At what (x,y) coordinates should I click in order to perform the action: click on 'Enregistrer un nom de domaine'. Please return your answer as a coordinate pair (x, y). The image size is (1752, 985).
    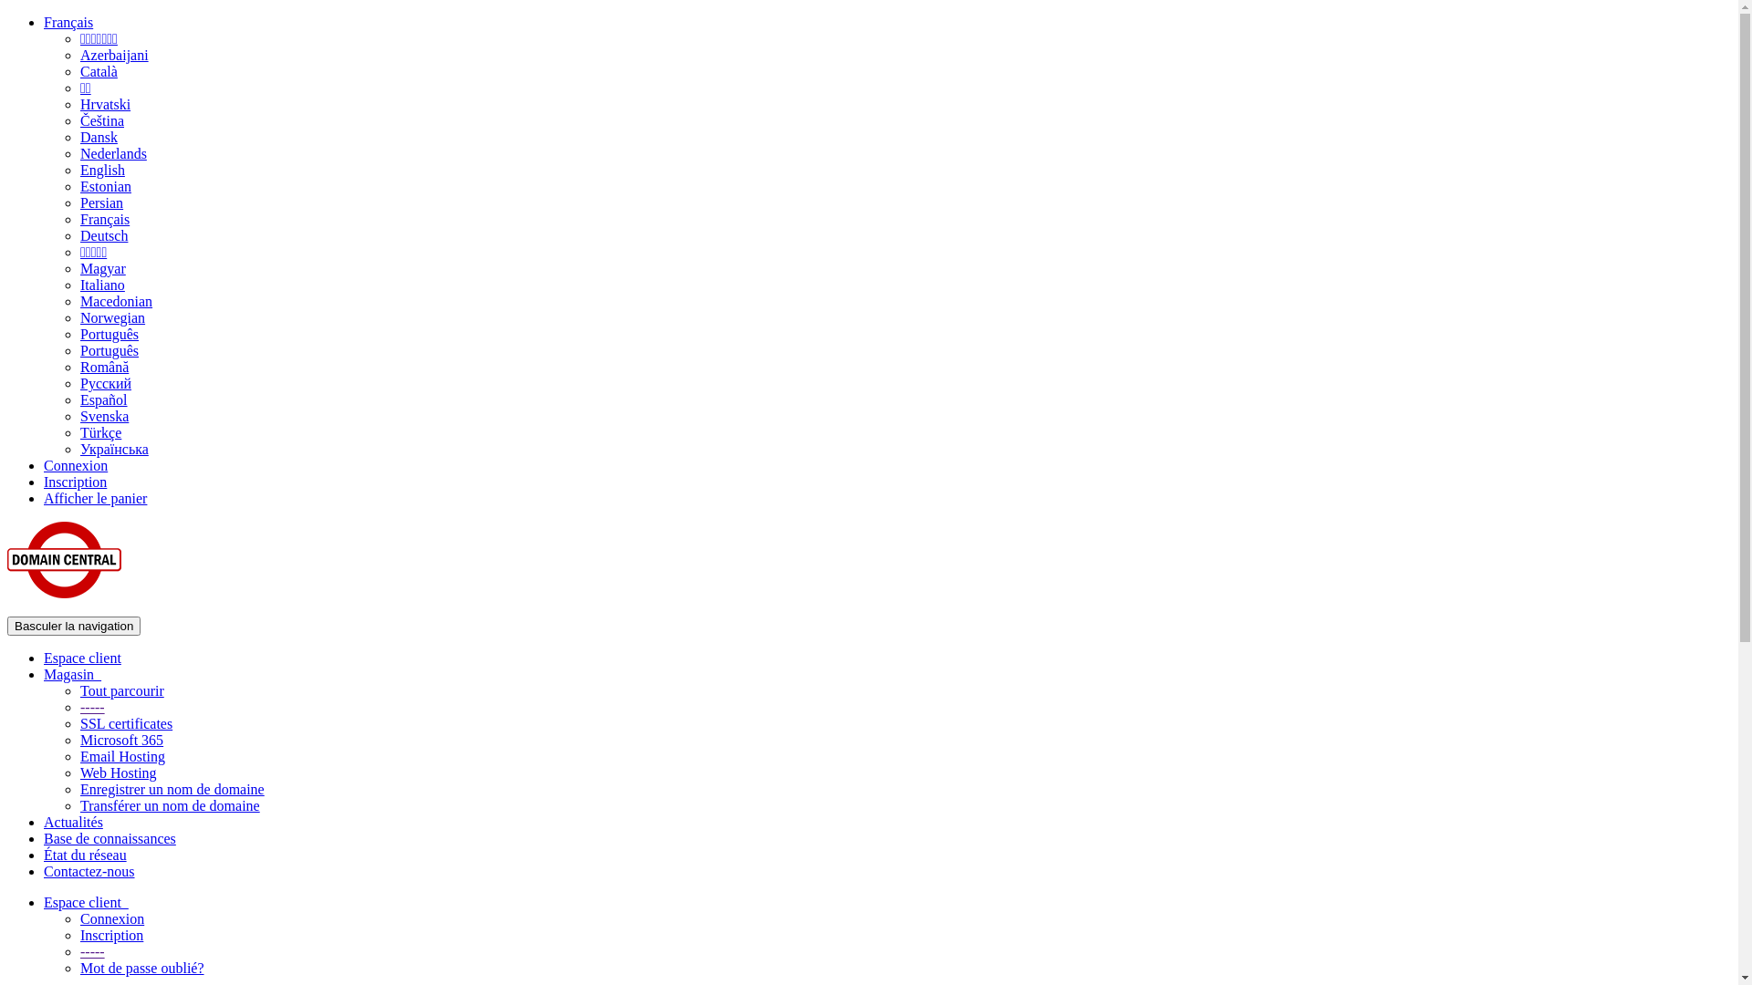
    Looking at the image, I should click on (172, 788).